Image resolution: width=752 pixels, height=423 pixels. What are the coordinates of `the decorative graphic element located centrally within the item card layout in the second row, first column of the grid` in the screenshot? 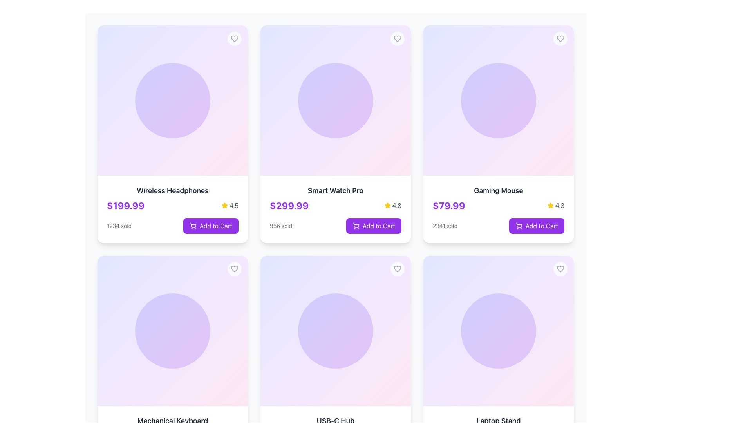 It's located at (336, 331).